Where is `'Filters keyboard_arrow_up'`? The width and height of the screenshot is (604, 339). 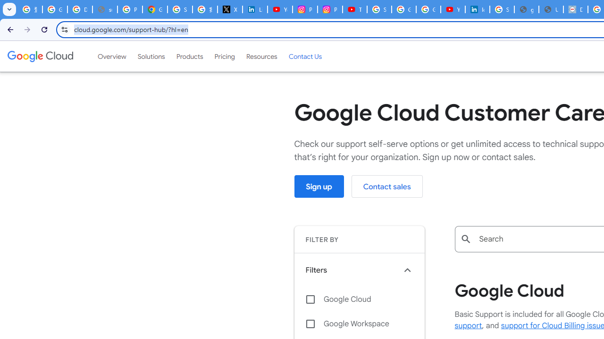 'Filters keyboard_arrow_up' is located at coordinates (359, 270).